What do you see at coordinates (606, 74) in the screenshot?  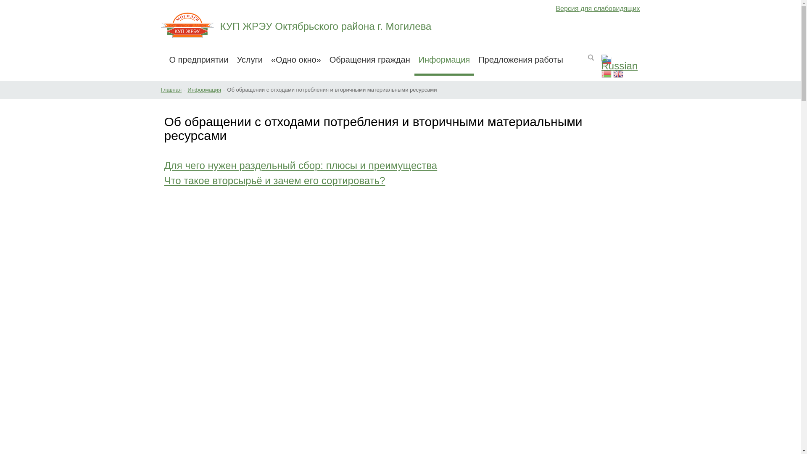 I see `'Belarusian'` at bounding box center [606, 74].